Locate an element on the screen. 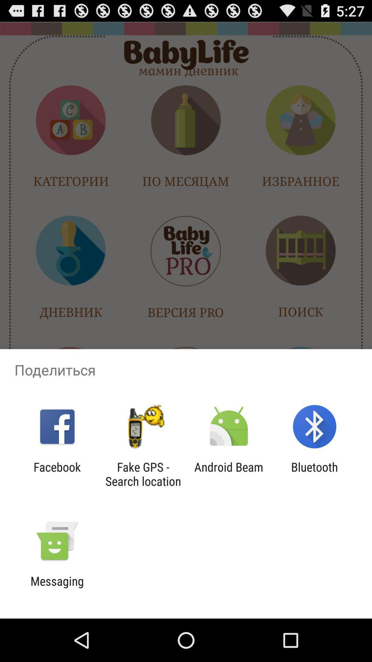 The image size is (372, 662). icon to the right of android beam item is located at coordinates (314, 474).